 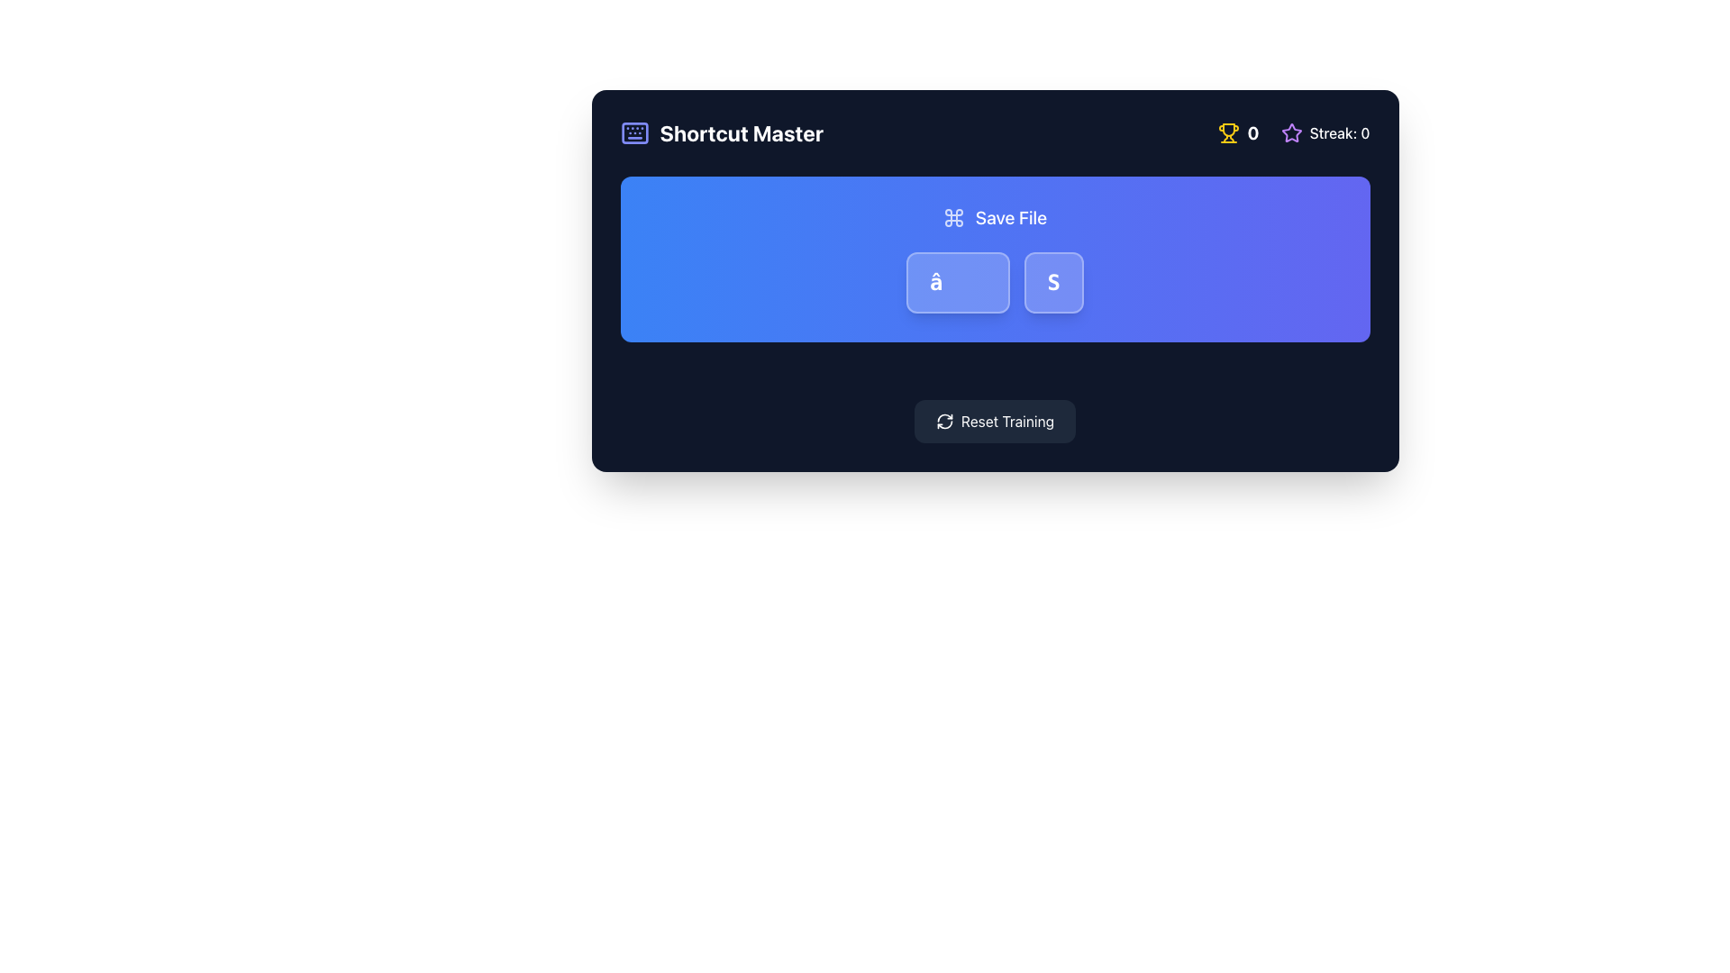 I want to click on the 'Reset Training' button, which is a dark rectangular button with rounded corners containing white text and a circular arrow icon, to initiate the reset of the training process, so click(x=994, y=421).